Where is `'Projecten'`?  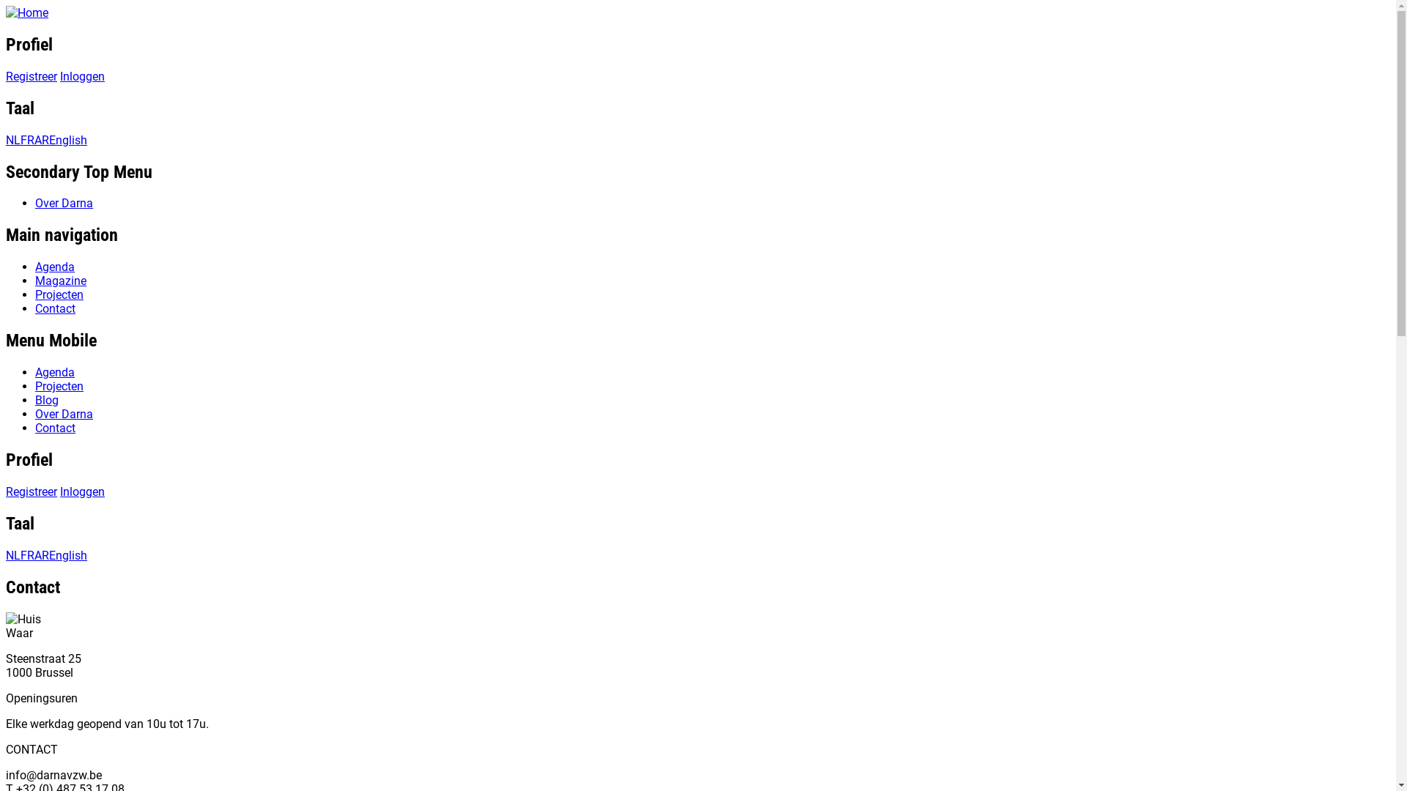
'Projecten' is located at coordinates (59, 294).